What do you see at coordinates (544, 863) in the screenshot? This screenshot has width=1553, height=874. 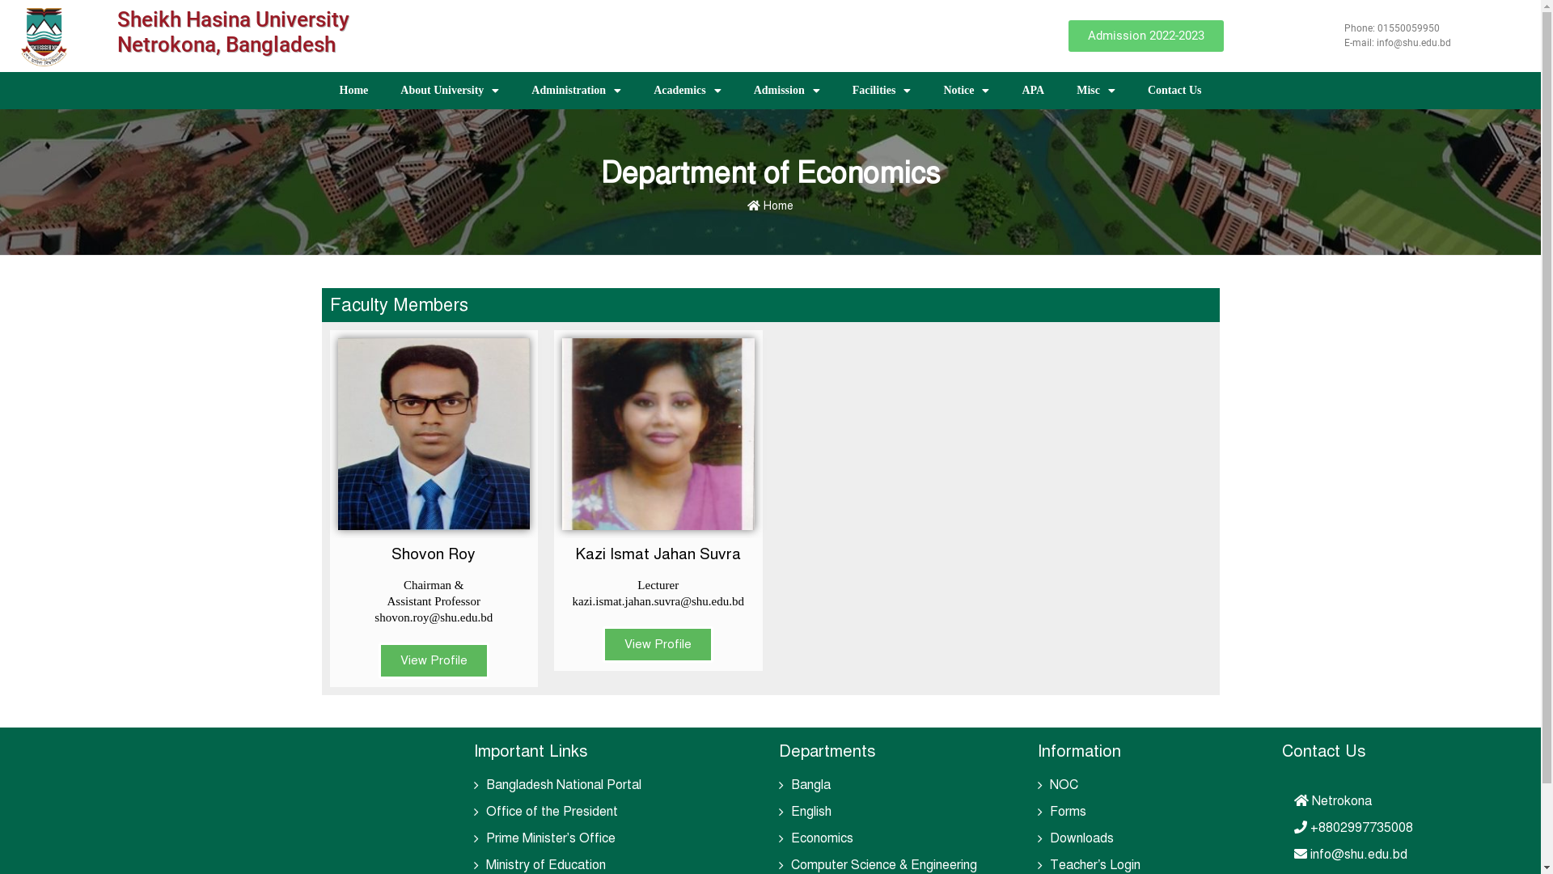 I see `'Ministry of Education'` at bounding box center [544, 863].